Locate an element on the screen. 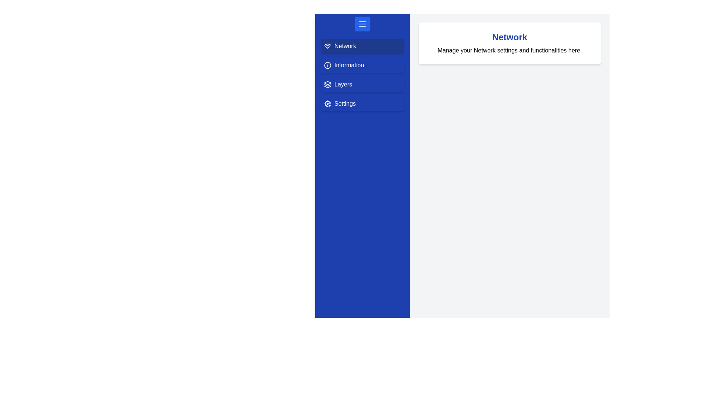 The image size is (711, 399). the menu option Layers from the drawer is located at coordinates (363, 84).